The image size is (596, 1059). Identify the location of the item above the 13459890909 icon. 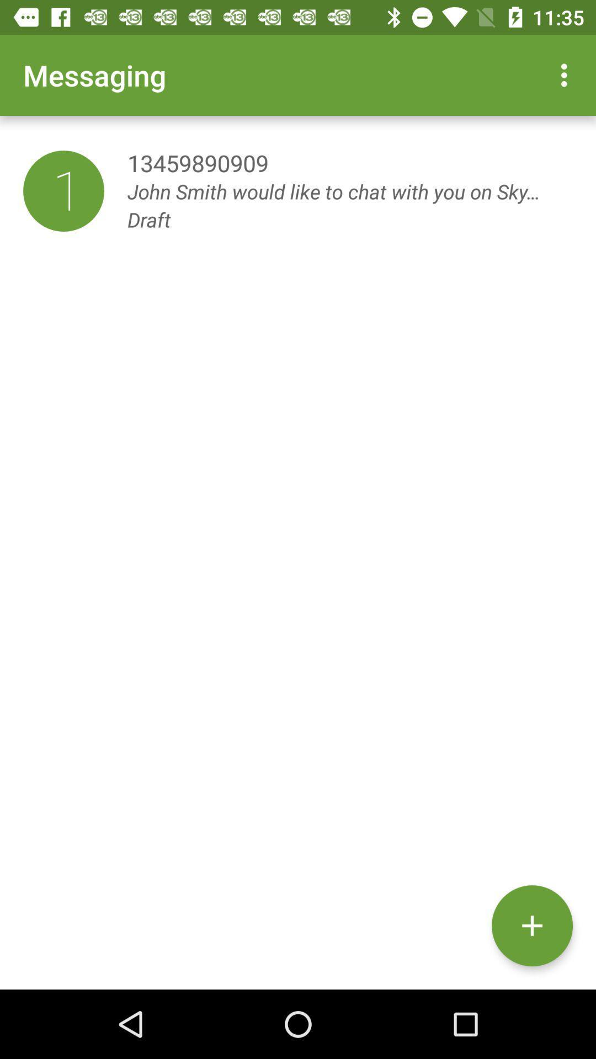
(567, 74).